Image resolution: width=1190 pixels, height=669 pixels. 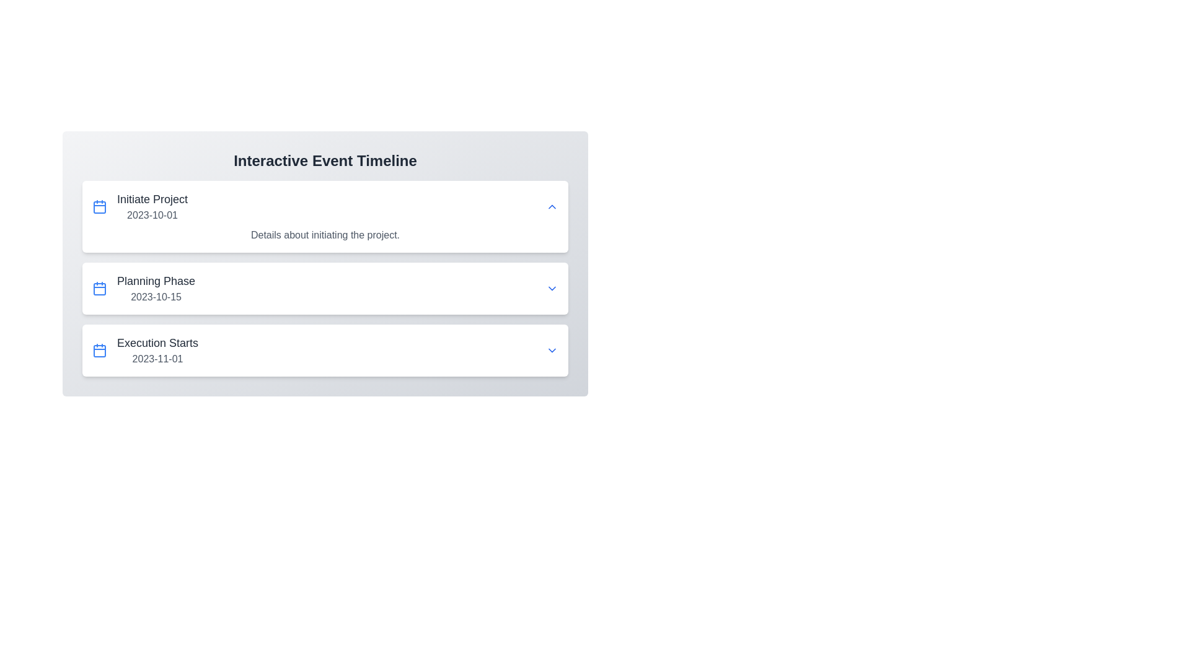 I want to click on information from the Timeline entry titled 'Execution Starts' with the date '2023-11-01', which is the third element in the stack beneath 'Planning Phase', so click(x=157, y=351).